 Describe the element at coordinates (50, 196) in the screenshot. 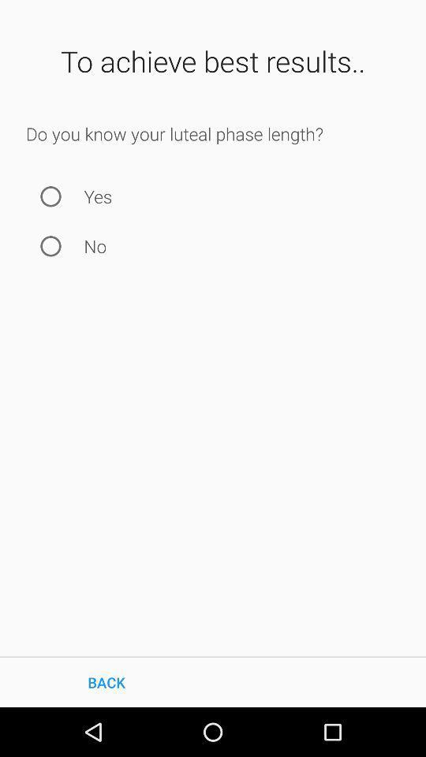

I see `the icon next to the yes icon` at that location.